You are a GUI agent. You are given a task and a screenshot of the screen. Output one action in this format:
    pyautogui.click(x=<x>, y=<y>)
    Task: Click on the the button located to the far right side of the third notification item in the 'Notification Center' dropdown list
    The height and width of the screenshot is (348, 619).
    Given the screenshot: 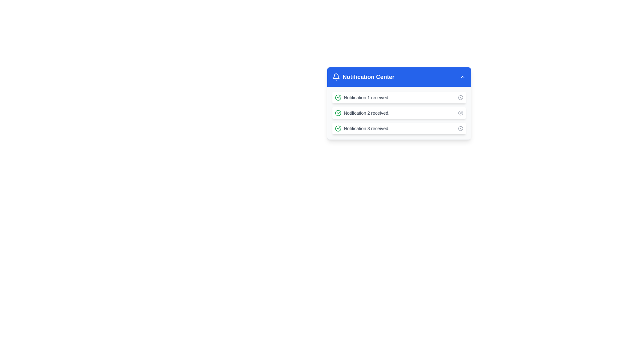 What is the action you would take?
    pyautogui.click(x=460, y=128)
    